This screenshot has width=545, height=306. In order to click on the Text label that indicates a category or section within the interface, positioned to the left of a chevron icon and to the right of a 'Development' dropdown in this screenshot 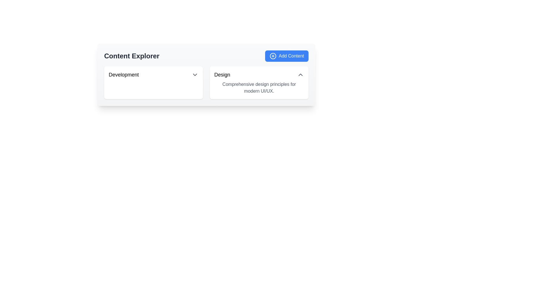, I will do `click(222, 74)`.